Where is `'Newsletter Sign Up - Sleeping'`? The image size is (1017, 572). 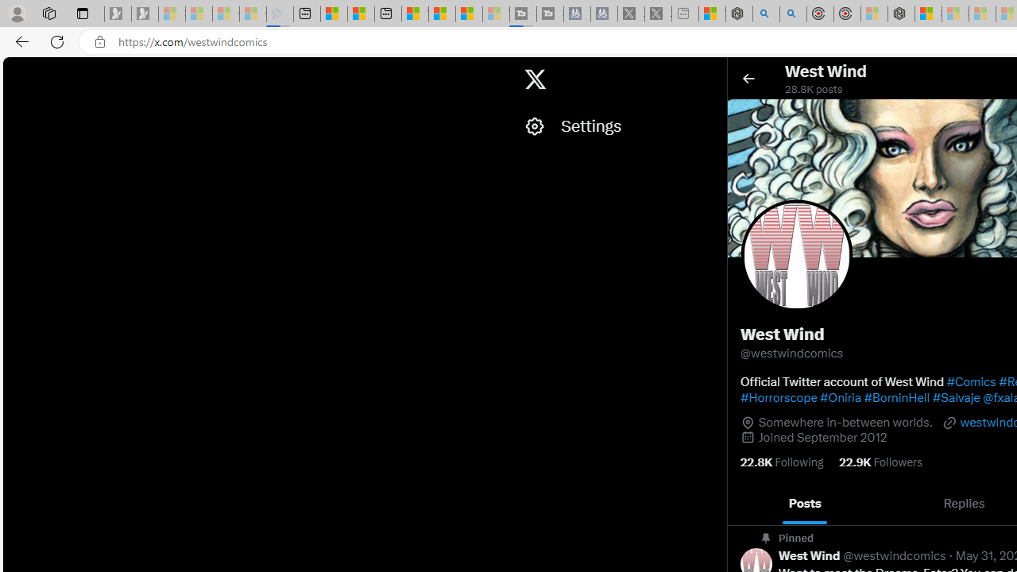
'Newsletter Sign Up - Sleeping' is located at coordinates (145, 14).